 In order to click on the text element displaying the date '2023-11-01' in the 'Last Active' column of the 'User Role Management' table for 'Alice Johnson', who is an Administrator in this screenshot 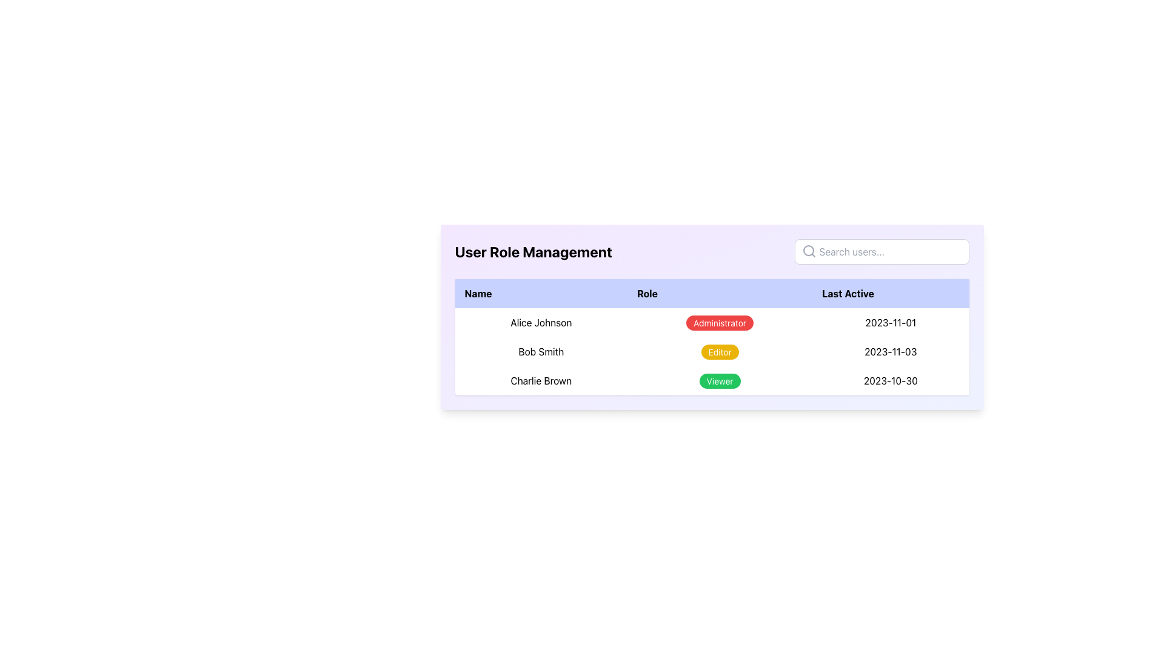, I will do `click(891, 322)`.